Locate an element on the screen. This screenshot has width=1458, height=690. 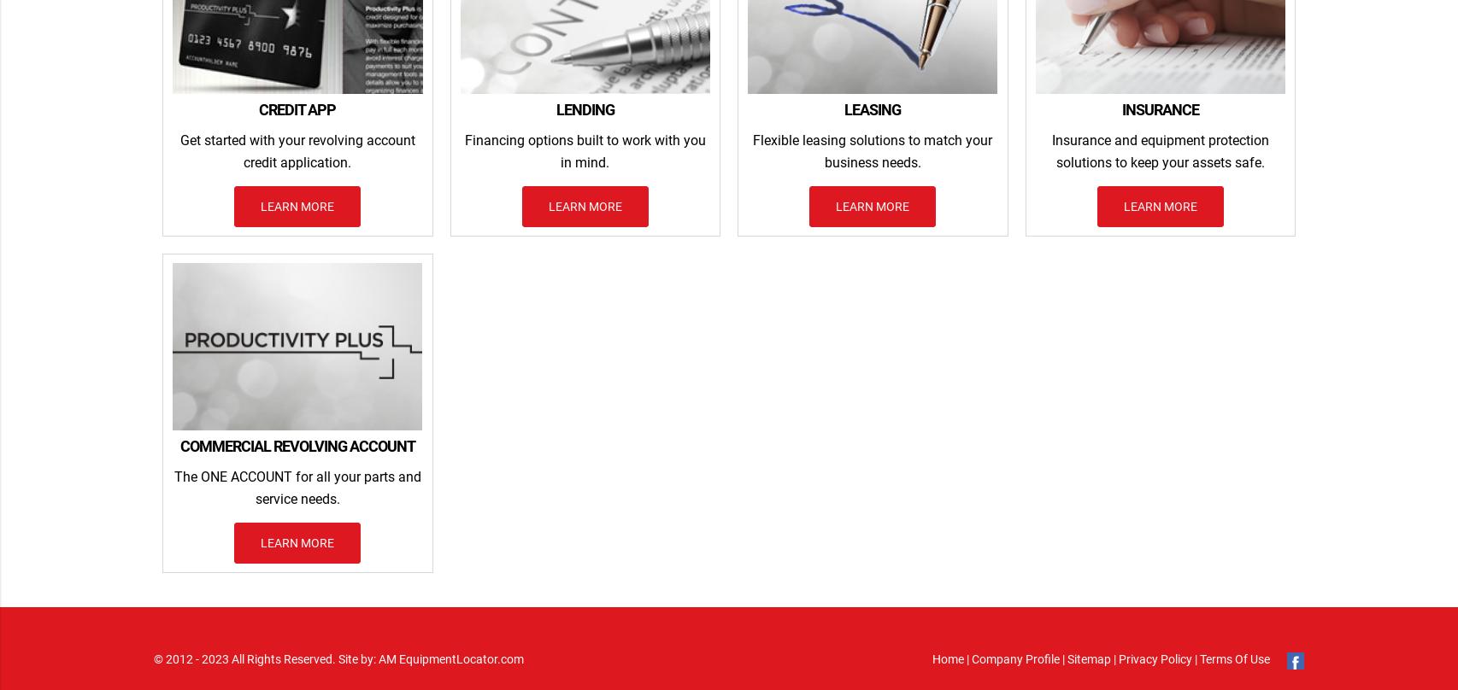
'Terms Of Use' is located at coordinates (1232, 657).